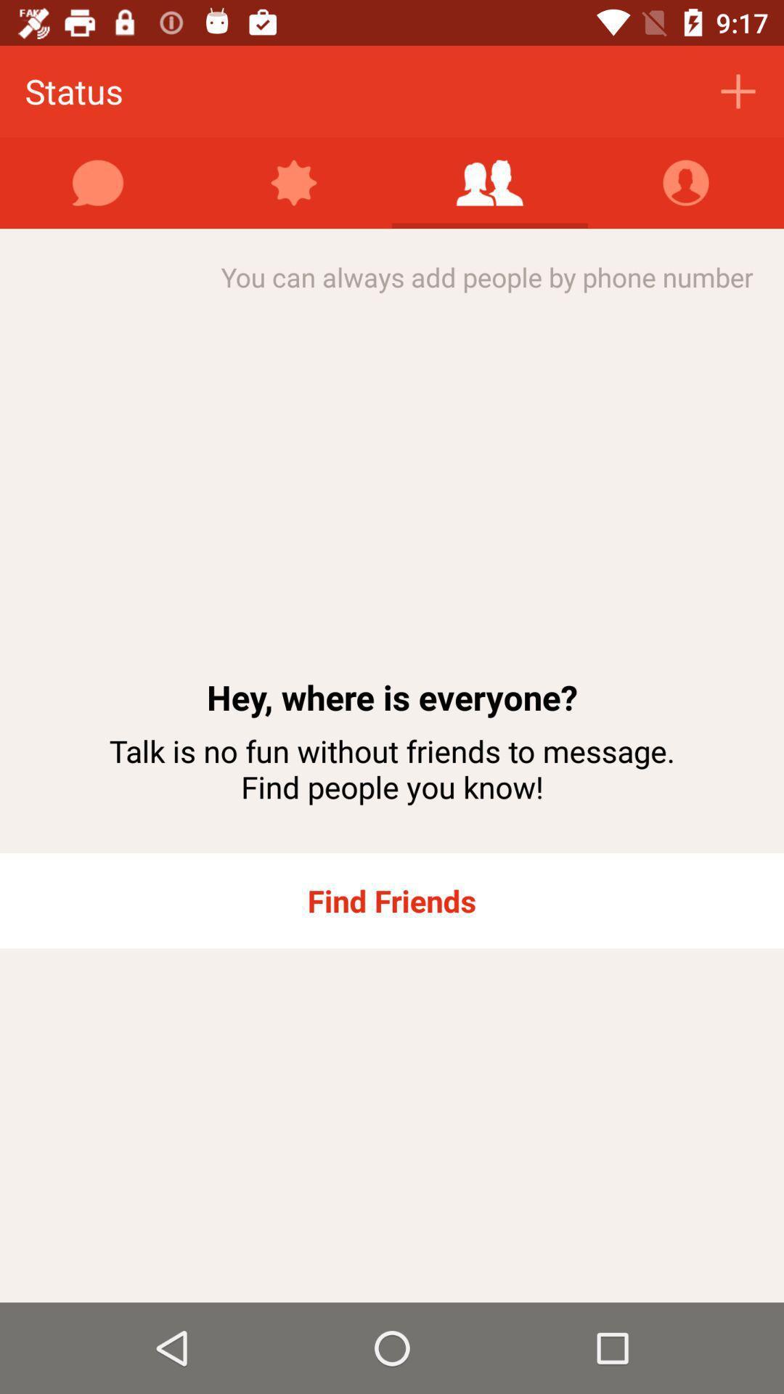 The image size is (784, 1394). I want to click on my profile, so click(686, 182).